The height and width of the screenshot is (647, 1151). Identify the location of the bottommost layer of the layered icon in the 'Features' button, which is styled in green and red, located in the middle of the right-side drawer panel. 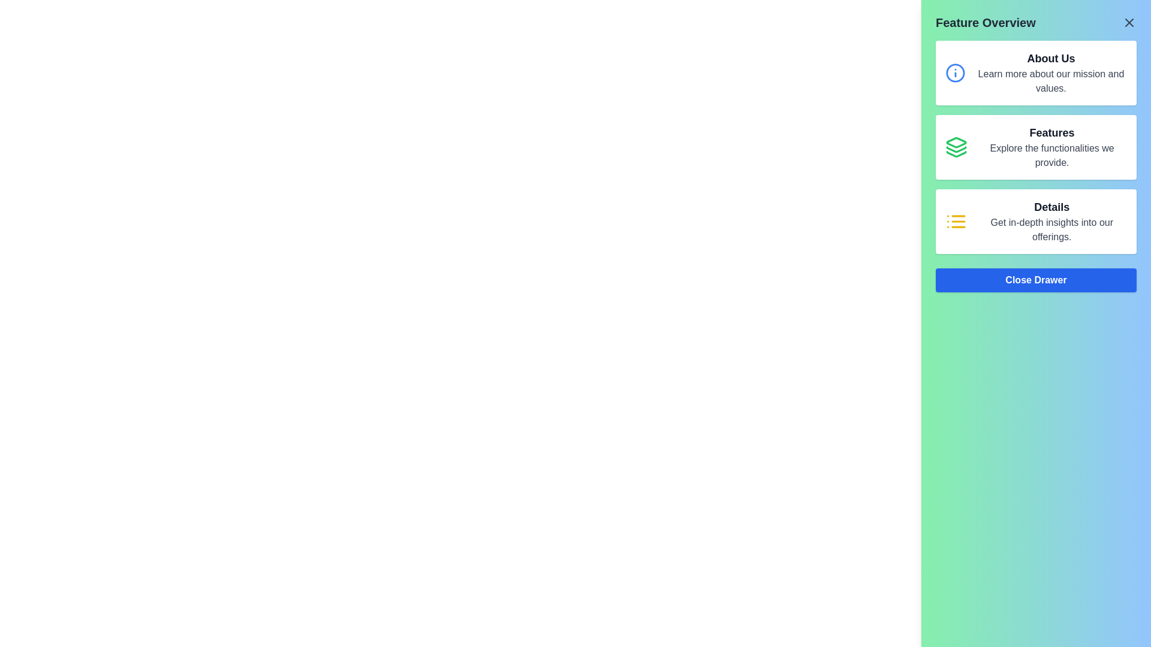
(956, 153).